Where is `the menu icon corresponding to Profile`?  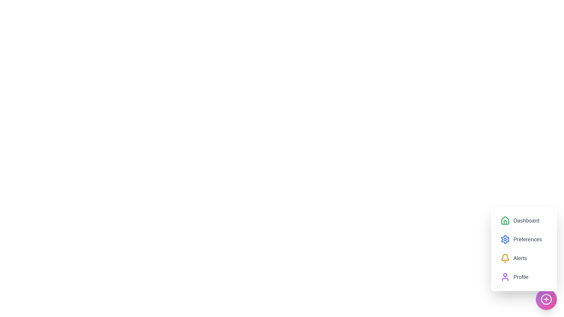
the menu icon corresponding to Profile is located at coordinates (505, 277).